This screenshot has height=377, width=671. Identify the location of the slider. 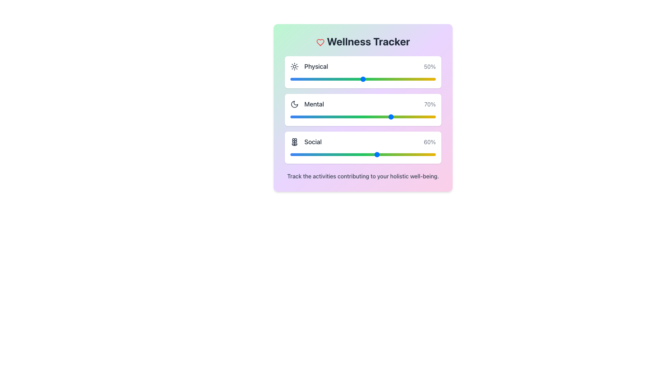
(373, 117).